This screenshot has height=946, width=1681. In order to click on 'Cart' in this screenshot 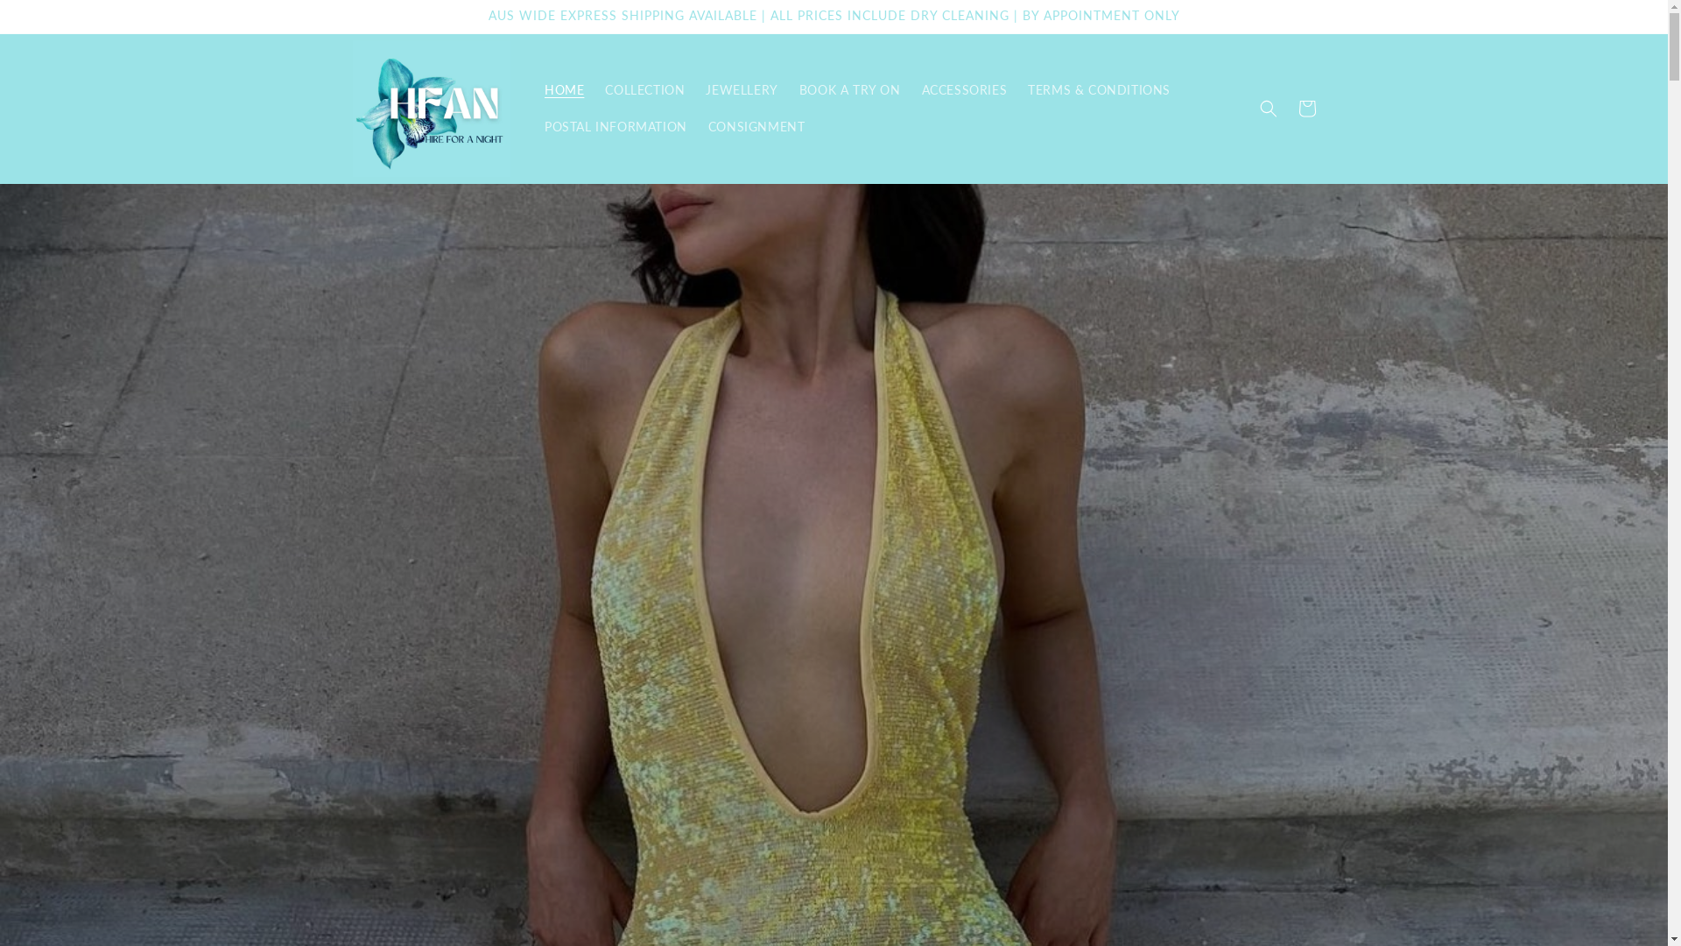, I will do `click(1306, 108)`.